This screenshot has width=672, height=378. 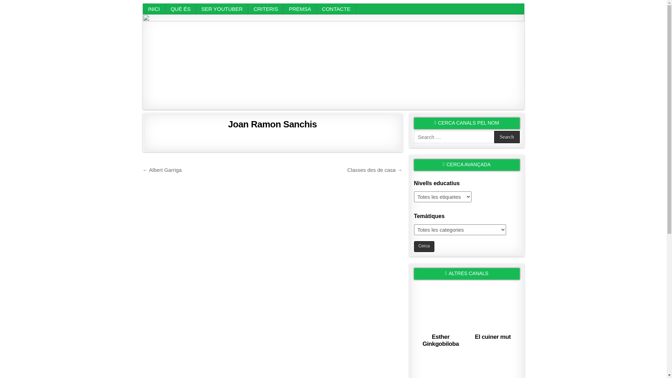 What do you see at coordinates (248, 9) in the screenshot?
I see `'CRITERIS'` at bounding box center [248, 9].